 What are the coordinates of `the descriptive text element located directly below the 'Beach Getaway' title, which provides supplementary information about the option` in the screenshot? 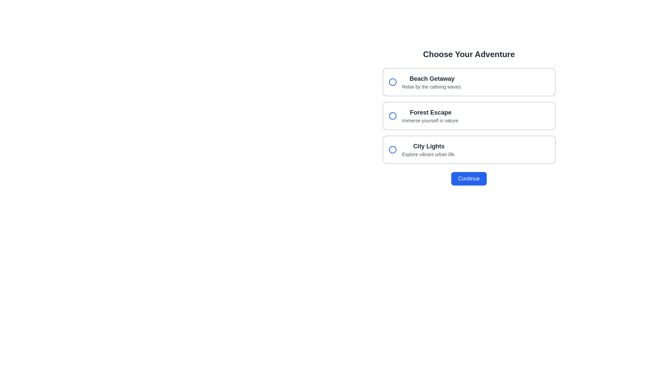 It's located at (432, 87).